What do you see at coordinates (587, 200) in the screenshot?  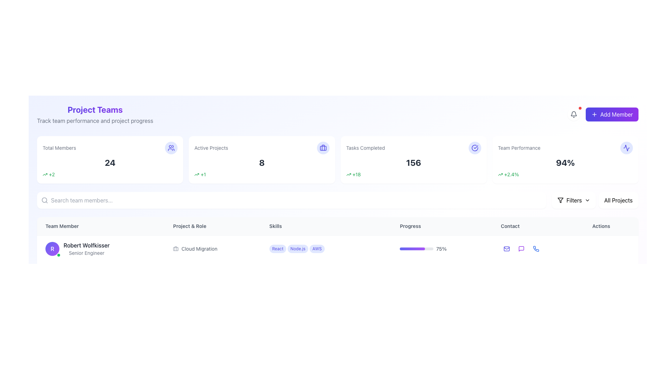 I see `the downward-pointing chevron icon located within the 'Filters' button` at bounding box center [587, 200].